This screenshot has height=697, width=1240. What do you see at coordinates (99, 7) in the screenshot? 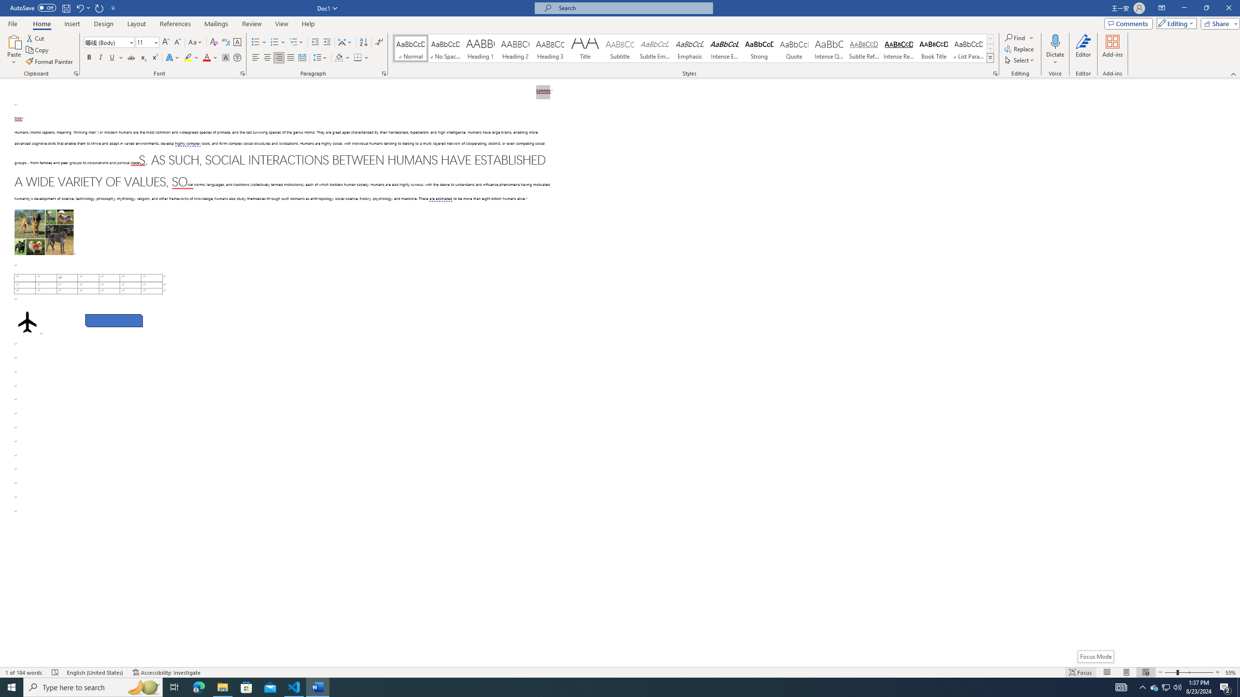
I see `'Repeat Paragraph Alignment'` at bounding box center [99, 7].